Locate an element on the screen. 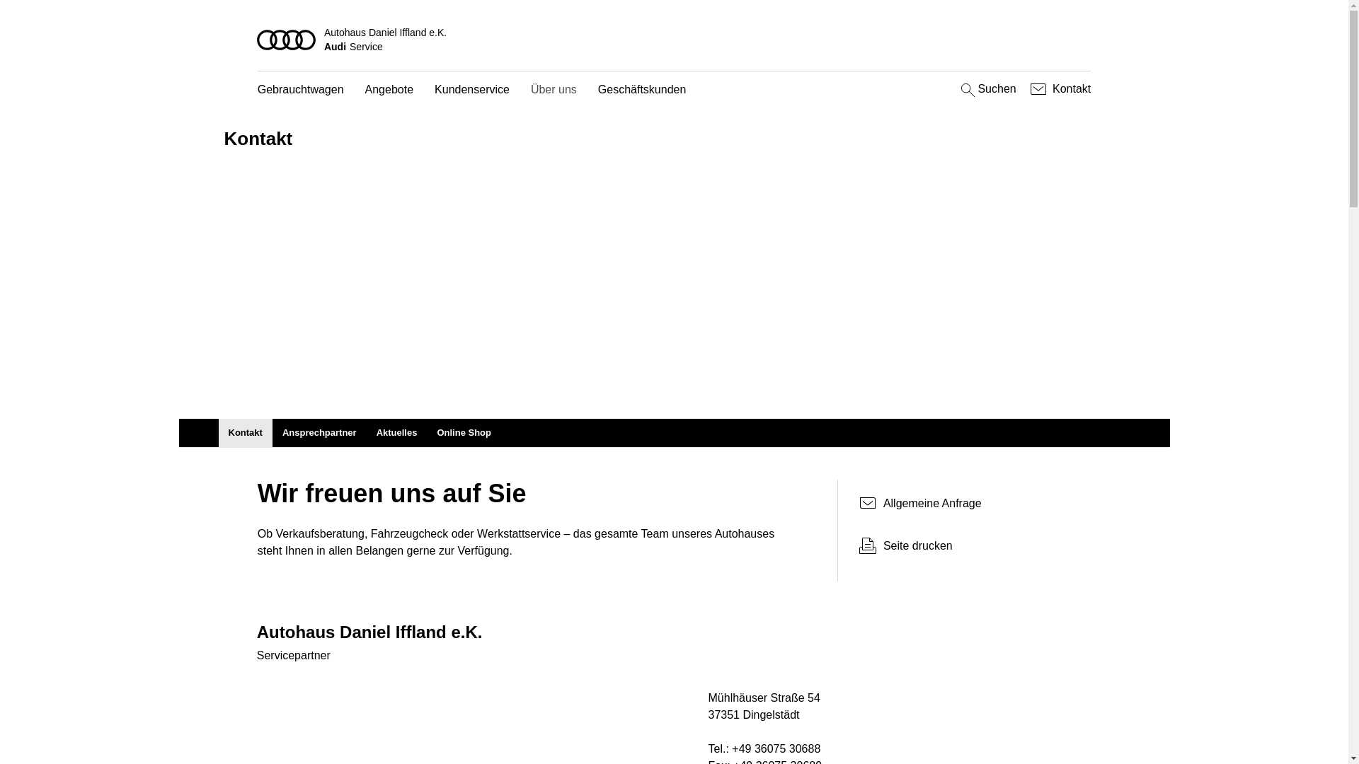  'Angebote' is located at coordinates (365, 90).